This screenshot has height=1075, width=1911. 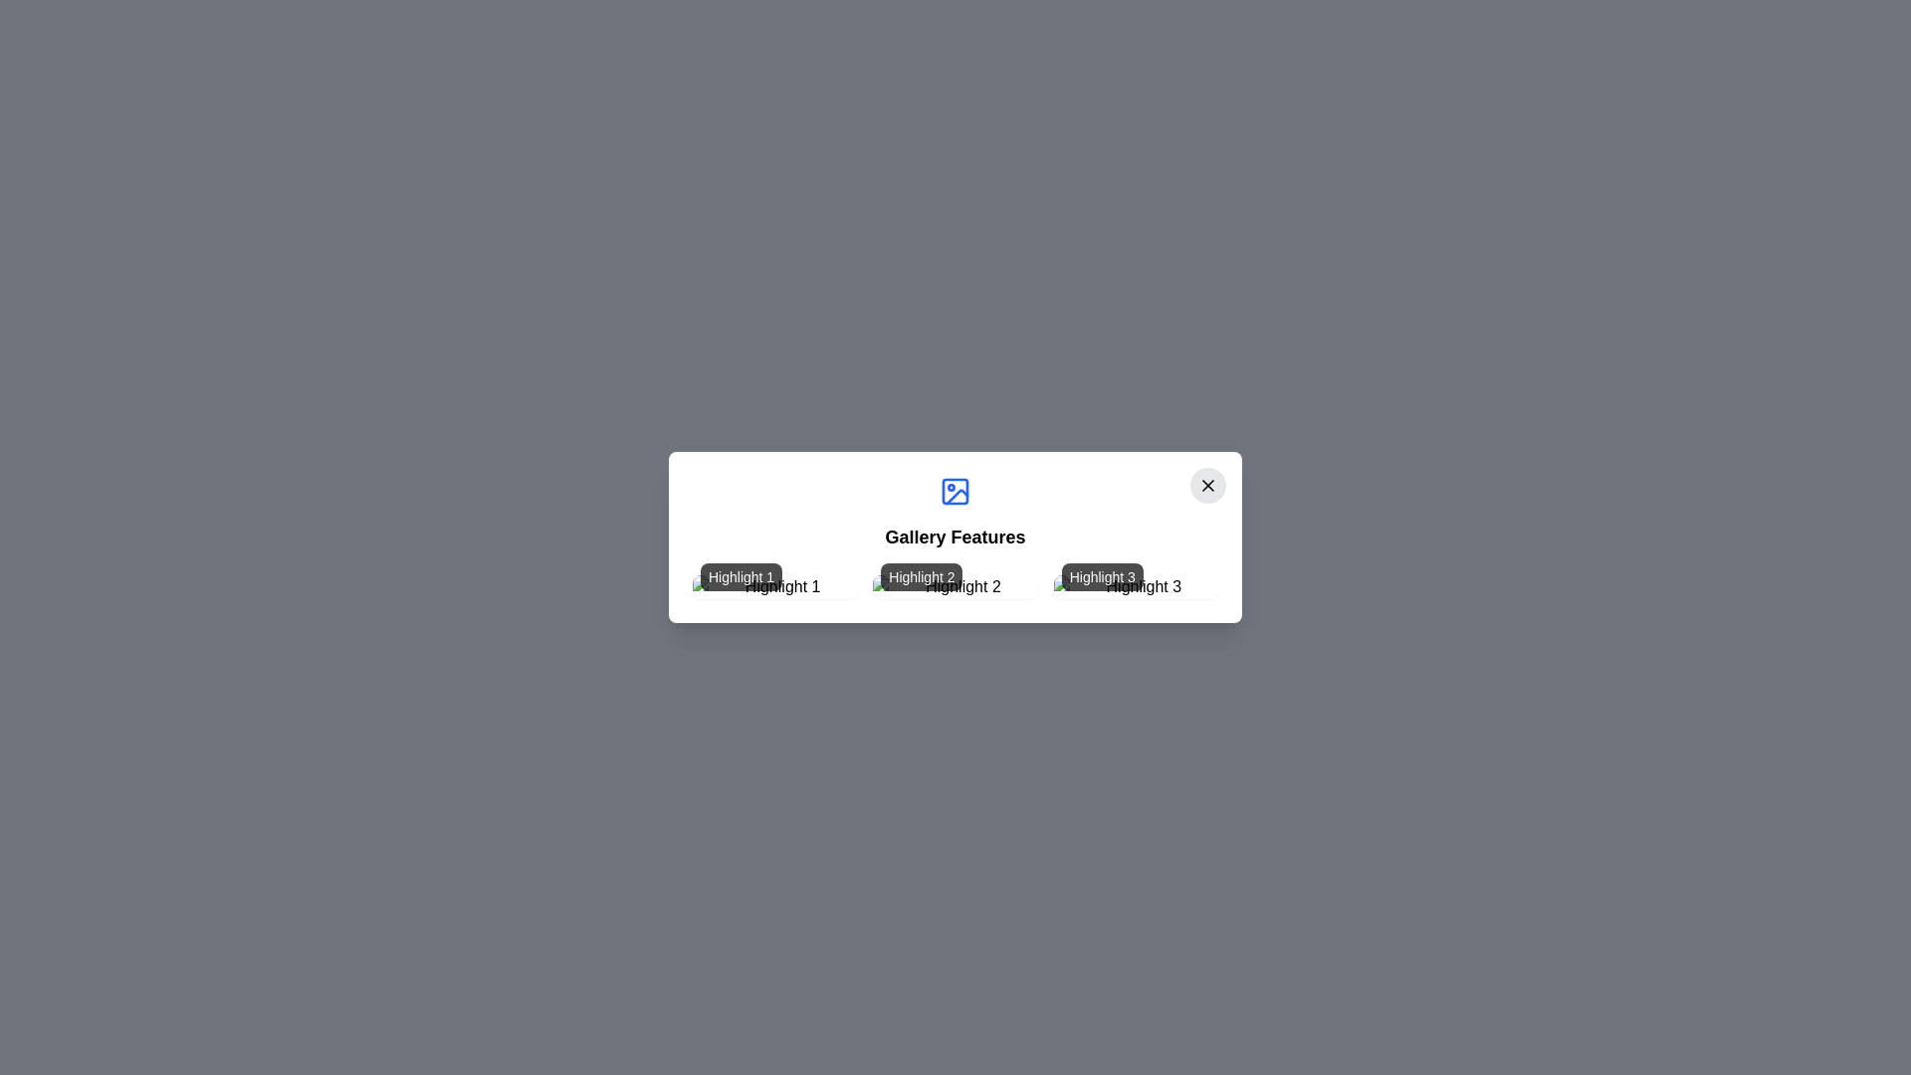 I want to click on the image labeled Highlight 3 to view its details, so click(x=1136, y=586).